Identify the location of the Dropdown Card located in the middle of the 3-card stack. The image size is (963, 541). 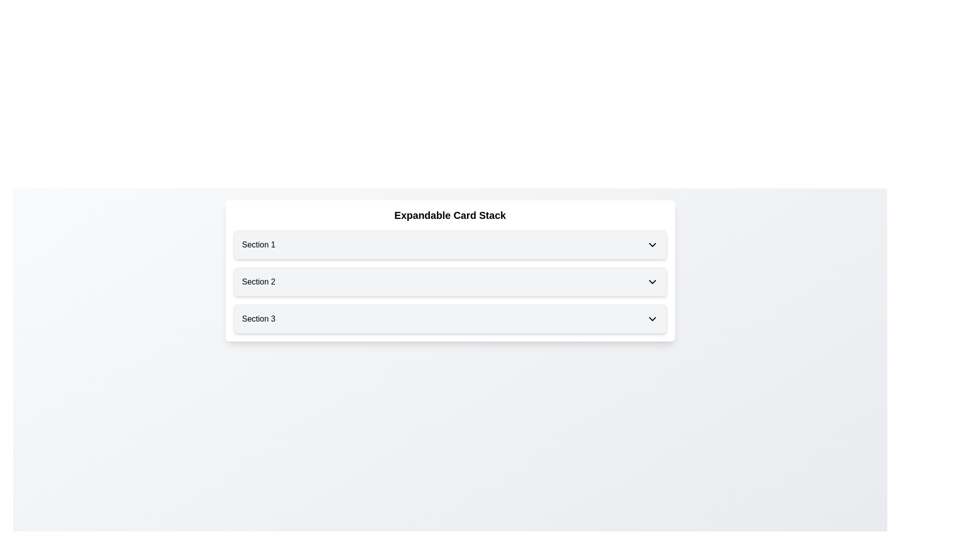
(449, 282).